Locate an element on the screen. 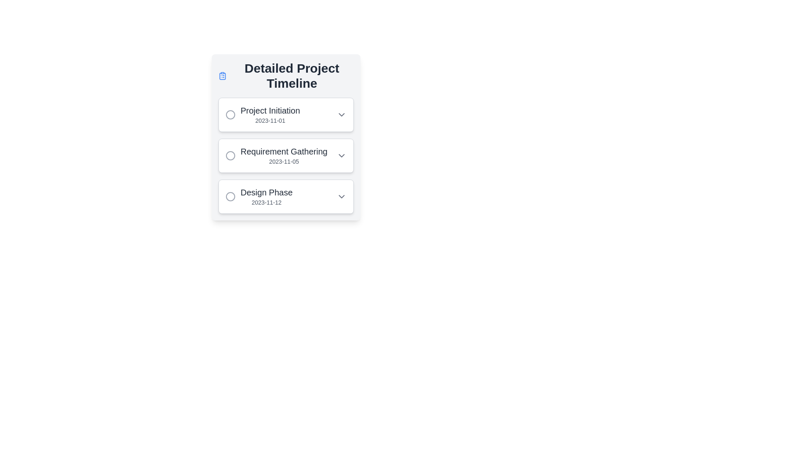  the third list item labeled 'Design Phase' is located at coordinates (258, 196).